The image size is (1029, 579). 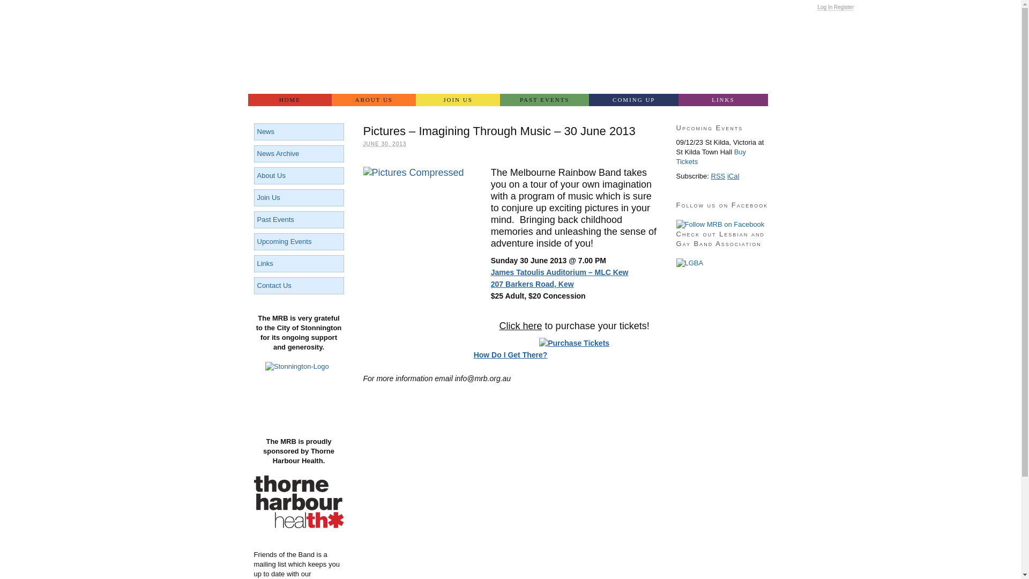 I want to click on 'RSS', so click(x=718, y=175).